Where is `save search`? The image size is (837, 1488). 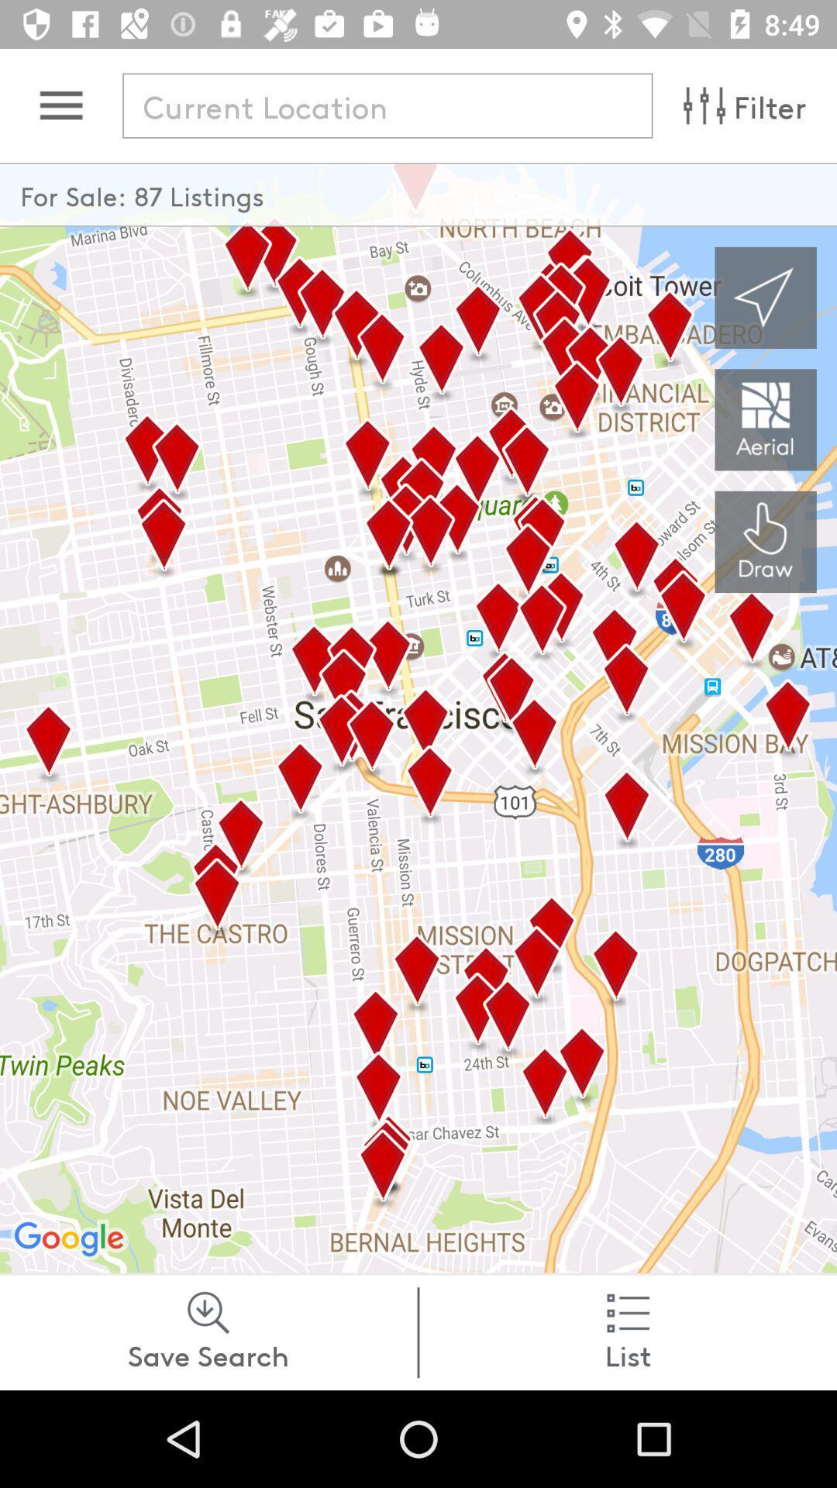
save search is located at coordinates (208, 1331).